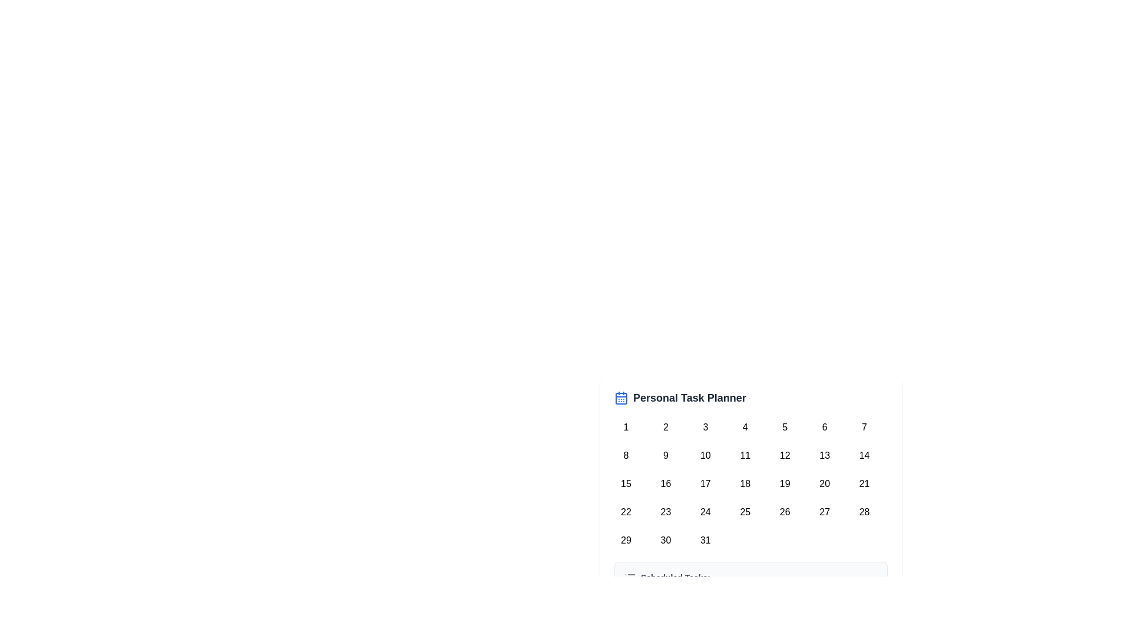 The width and height of the screenshot is (1131, 636). Describe the element at coordinates (665, 541) in the screenshot. I see `the rounded square button marked with the number '30'` at that location.